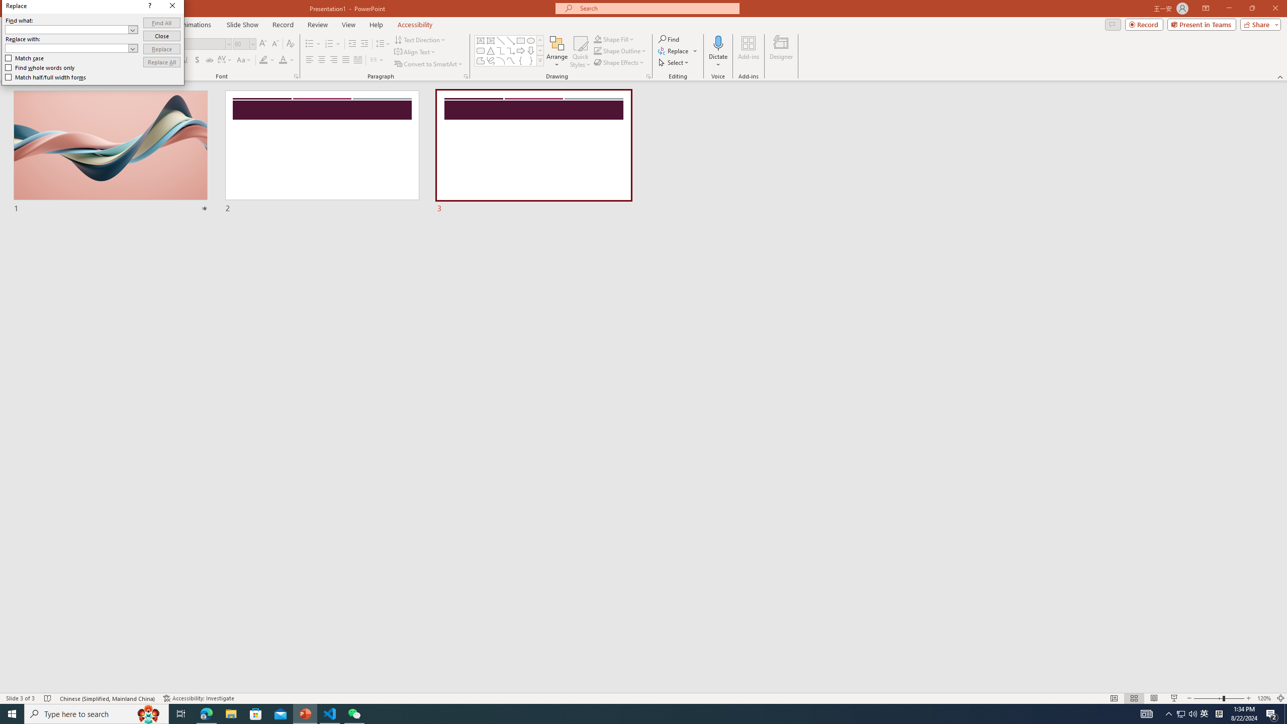 This screenshot has height=724, width=1287. I want to click on 'Freeform: Scribble', so click(490, 60).